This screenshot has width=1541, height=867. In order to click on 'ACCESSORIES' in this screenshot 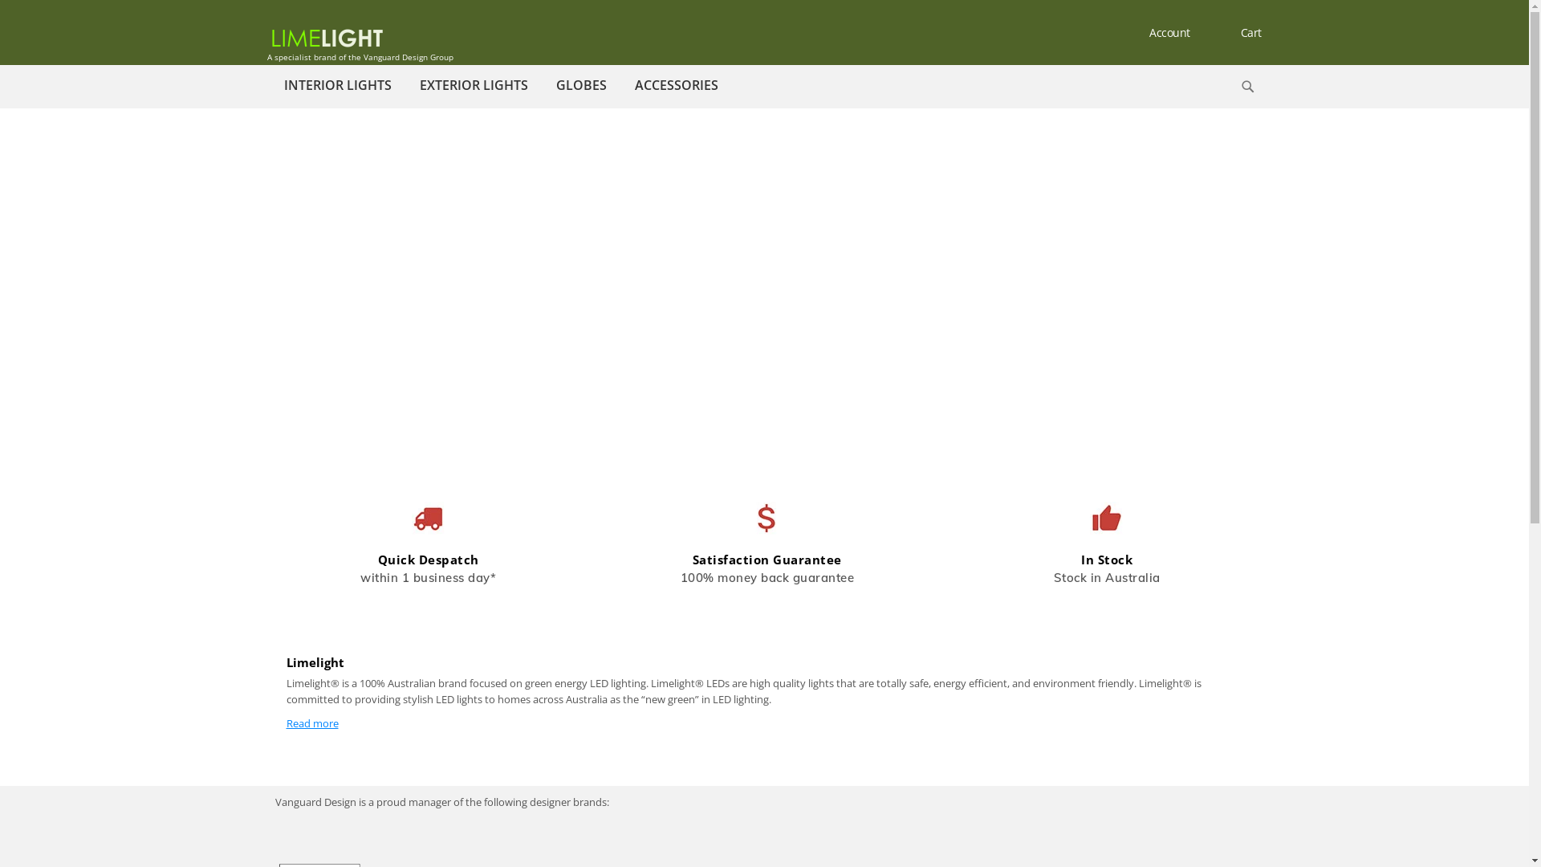, I will do `click(677, 84)`.